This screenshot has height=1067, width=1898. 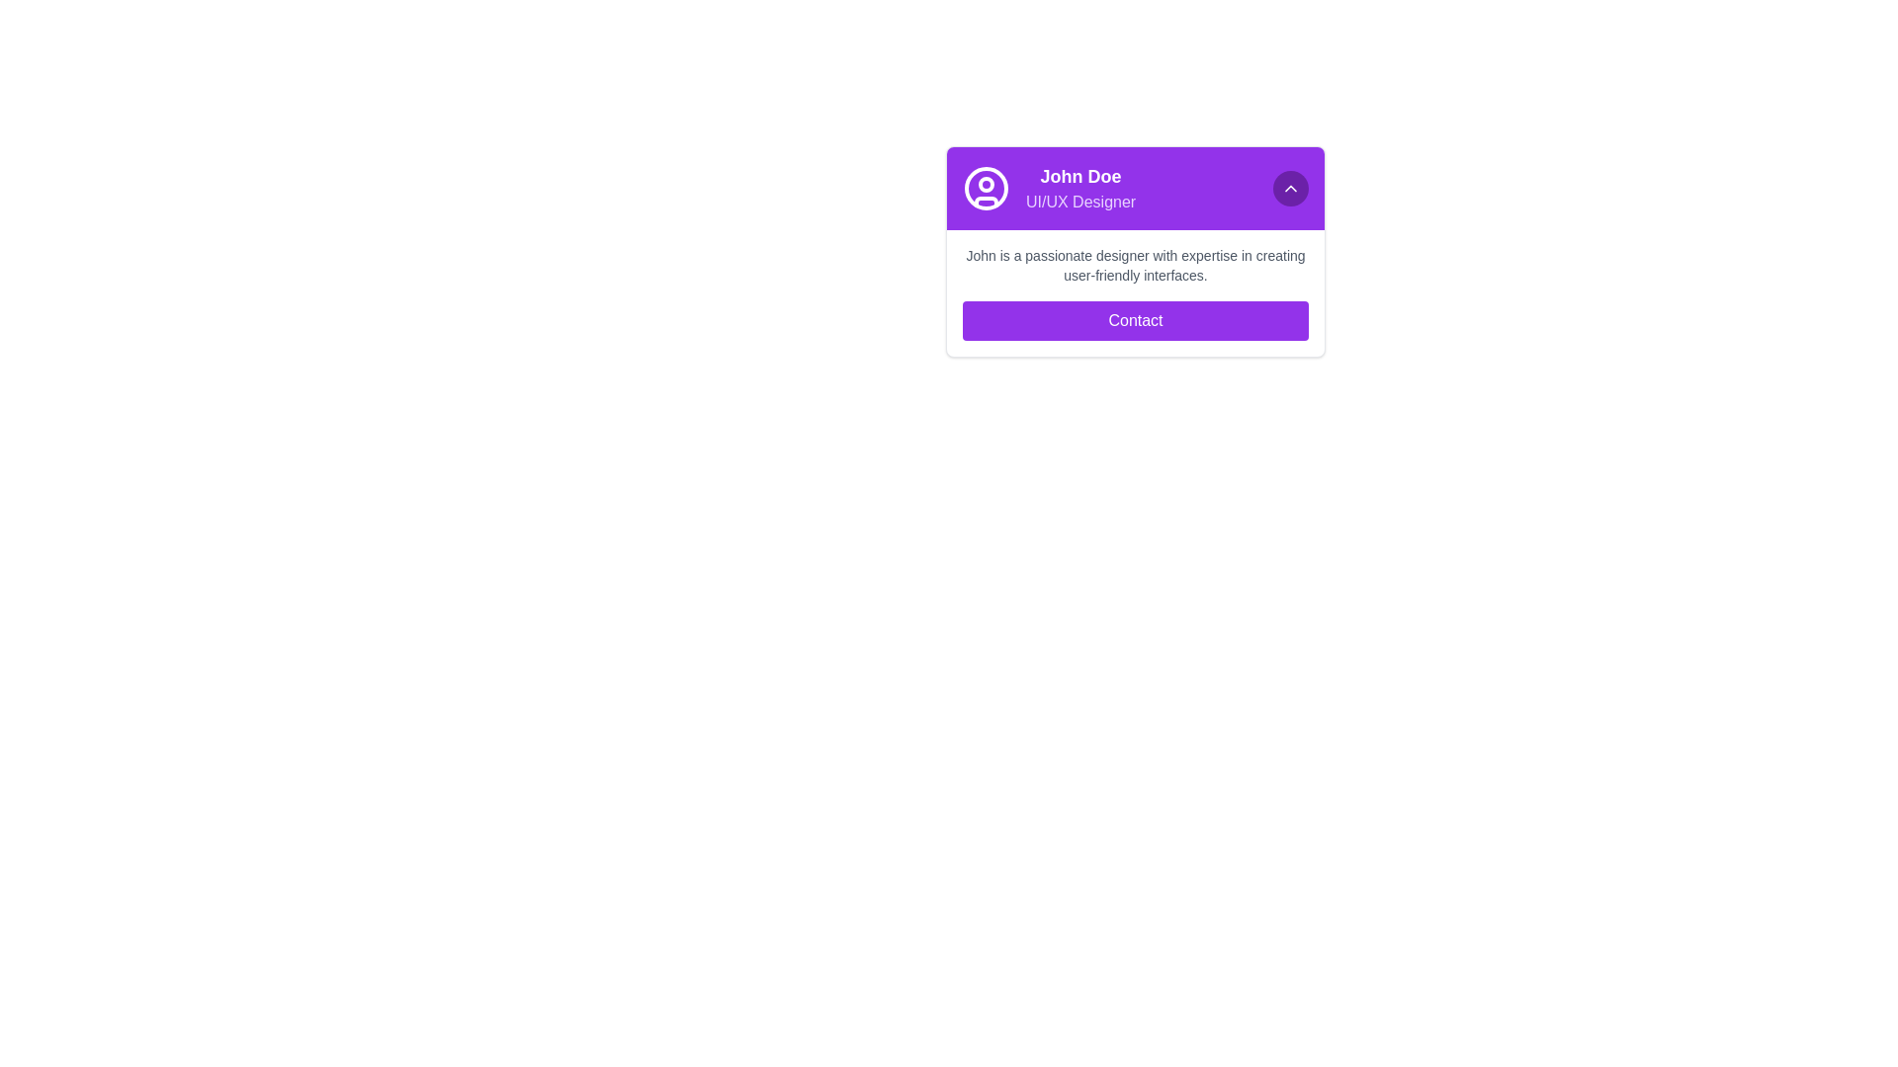 What do you see at coordinates (1290, 189) in the screenshot?
I see `the button located at the top-right corner of the purple header section that contains details about 'John Doe' and their role as a UI/UX Designer` at bounding box center [1290, 189].